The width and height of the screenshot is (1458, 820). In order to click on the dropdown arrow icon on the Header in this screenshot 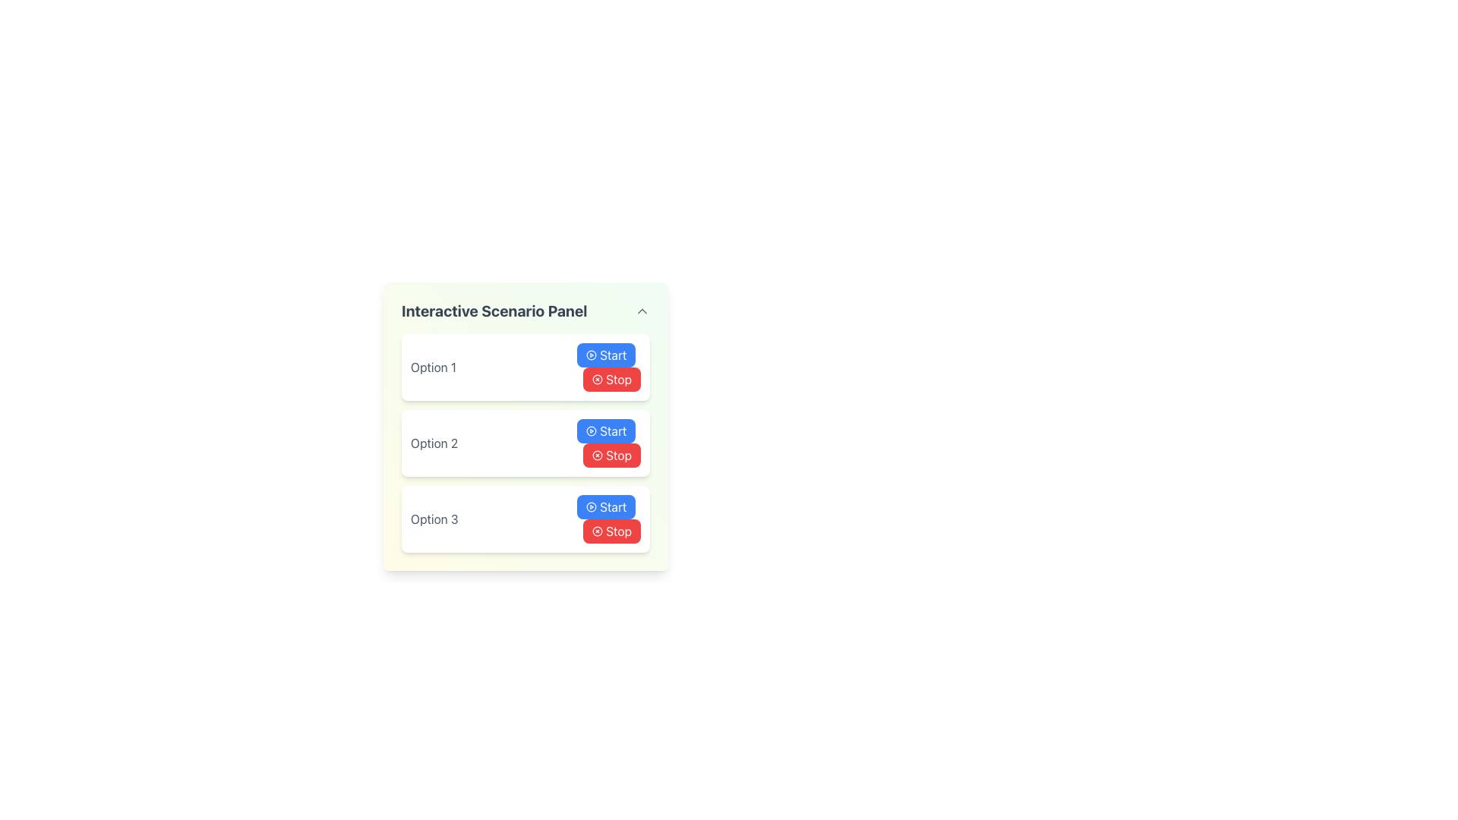, I will do `click(525, 310)`.